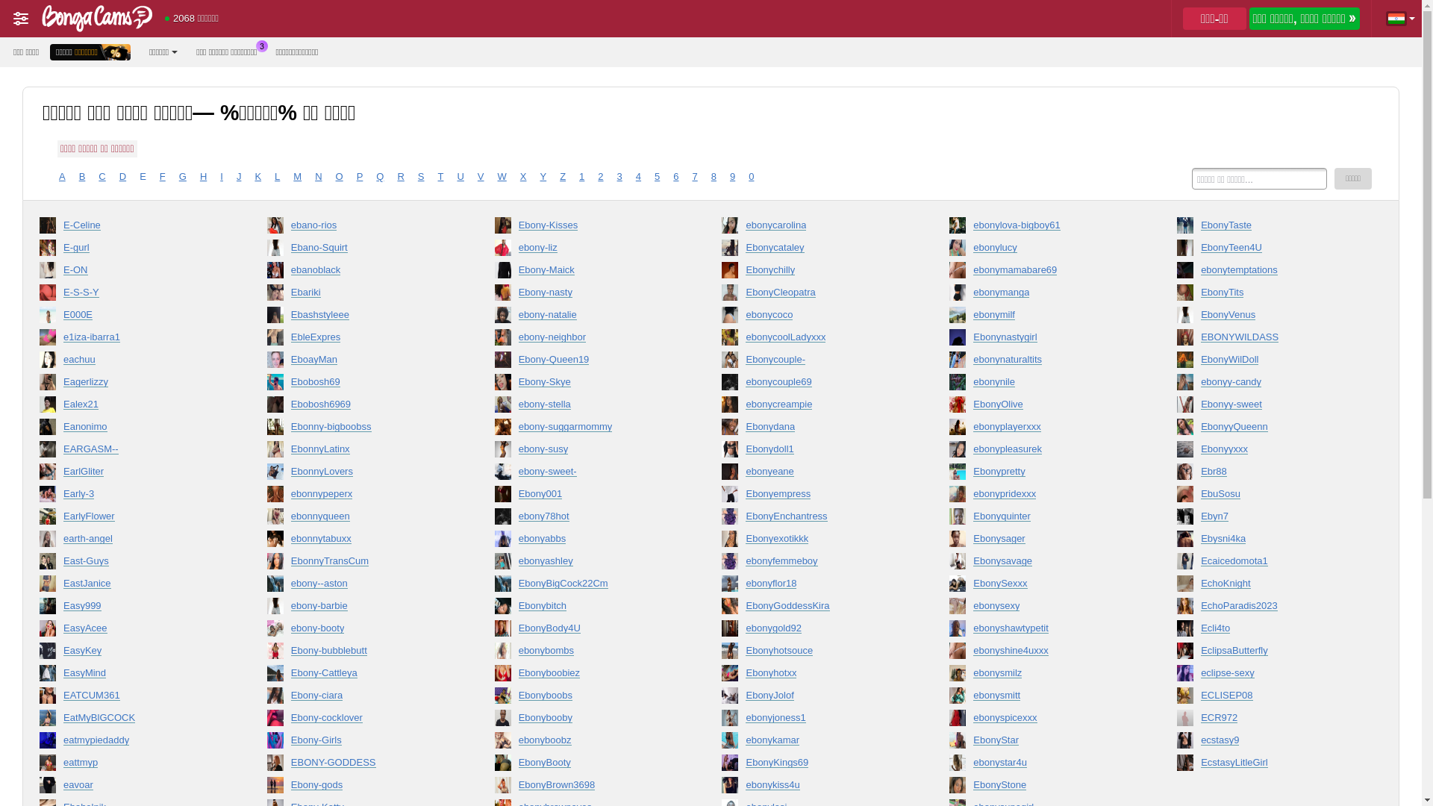 This screenshot has height=806, width=1433. What do you see at coordinates (132, 497) in the screenshot?
I see `'Early-3'` at bounding box center [132, 497].